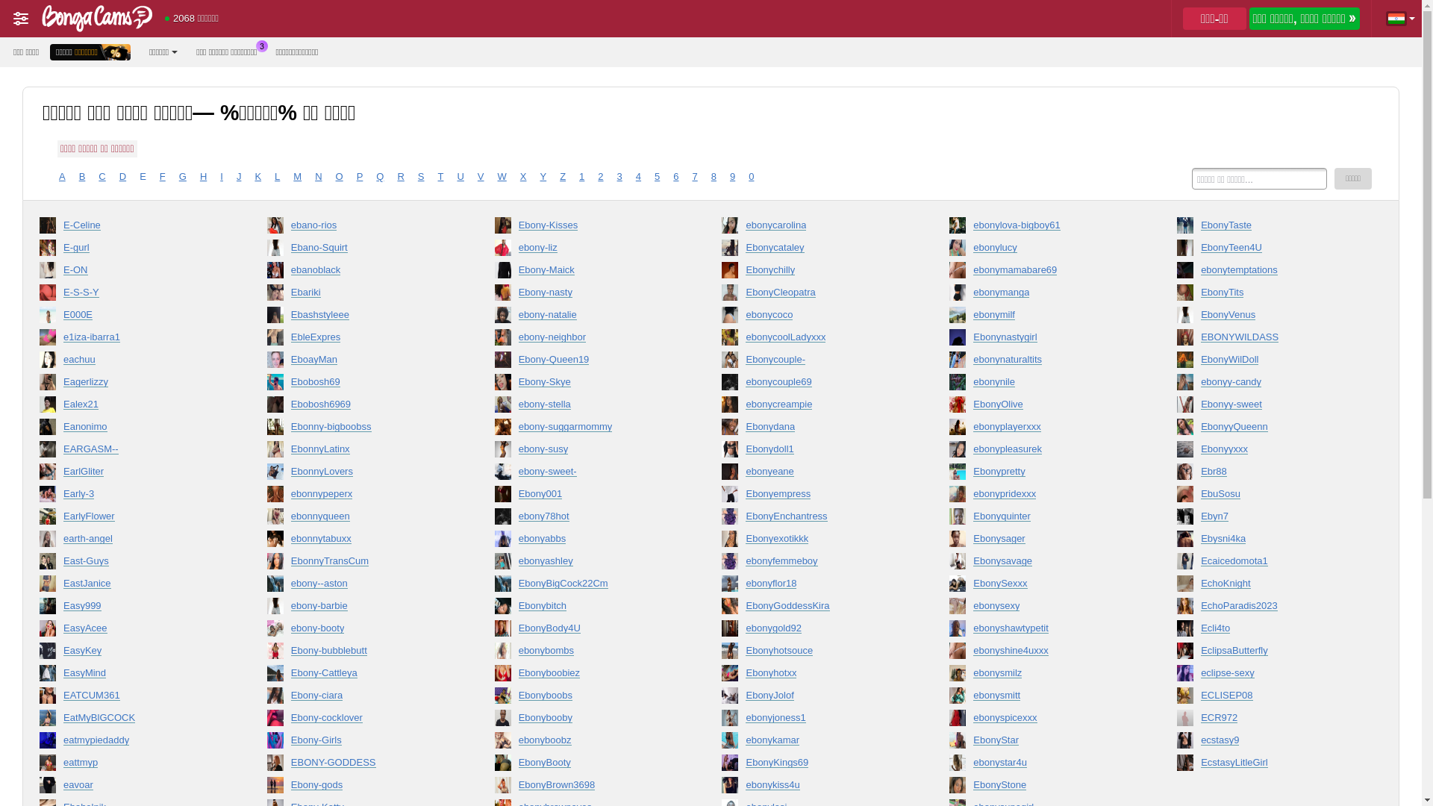 This screenshot has height=806, width=1433. What do you see at coordinates (132, 497) in the screenshot?
I see `'Early-3'` at bounding box center [132, 497].